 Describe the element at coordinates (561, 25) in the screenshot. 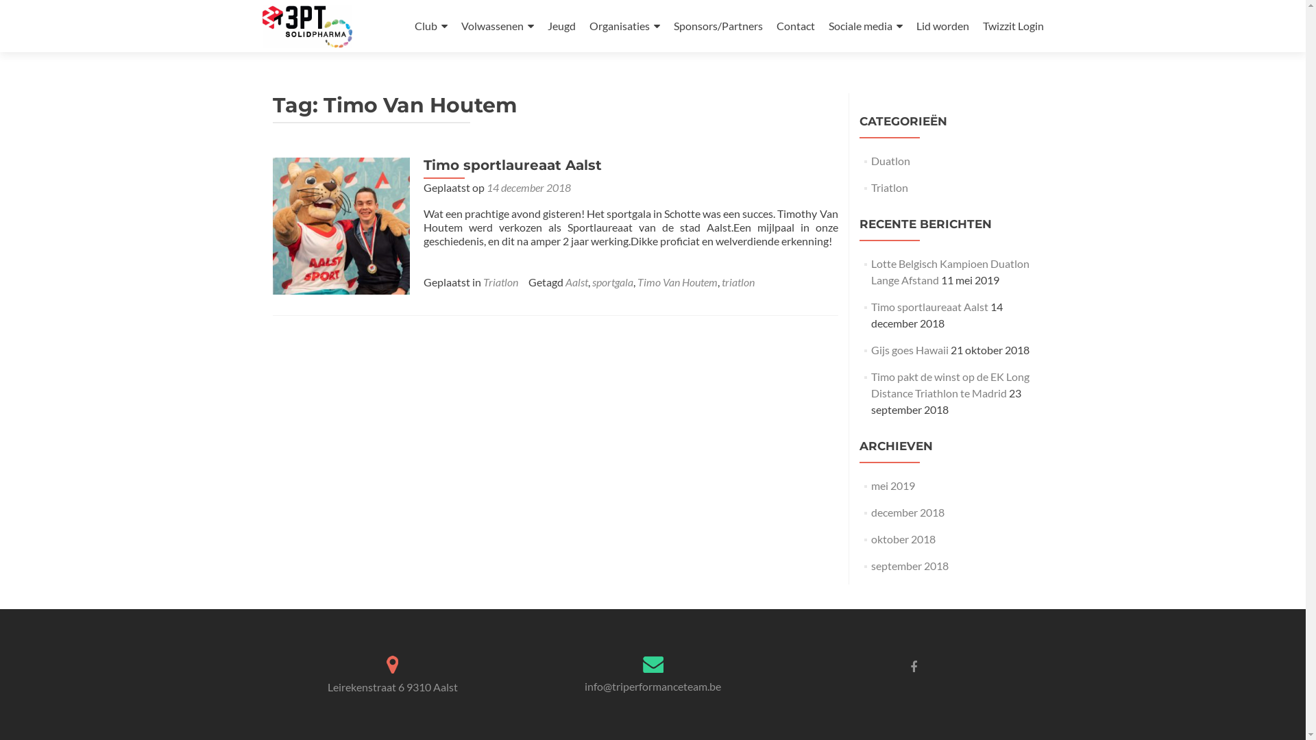

I see `'Jeugd'` at that location.